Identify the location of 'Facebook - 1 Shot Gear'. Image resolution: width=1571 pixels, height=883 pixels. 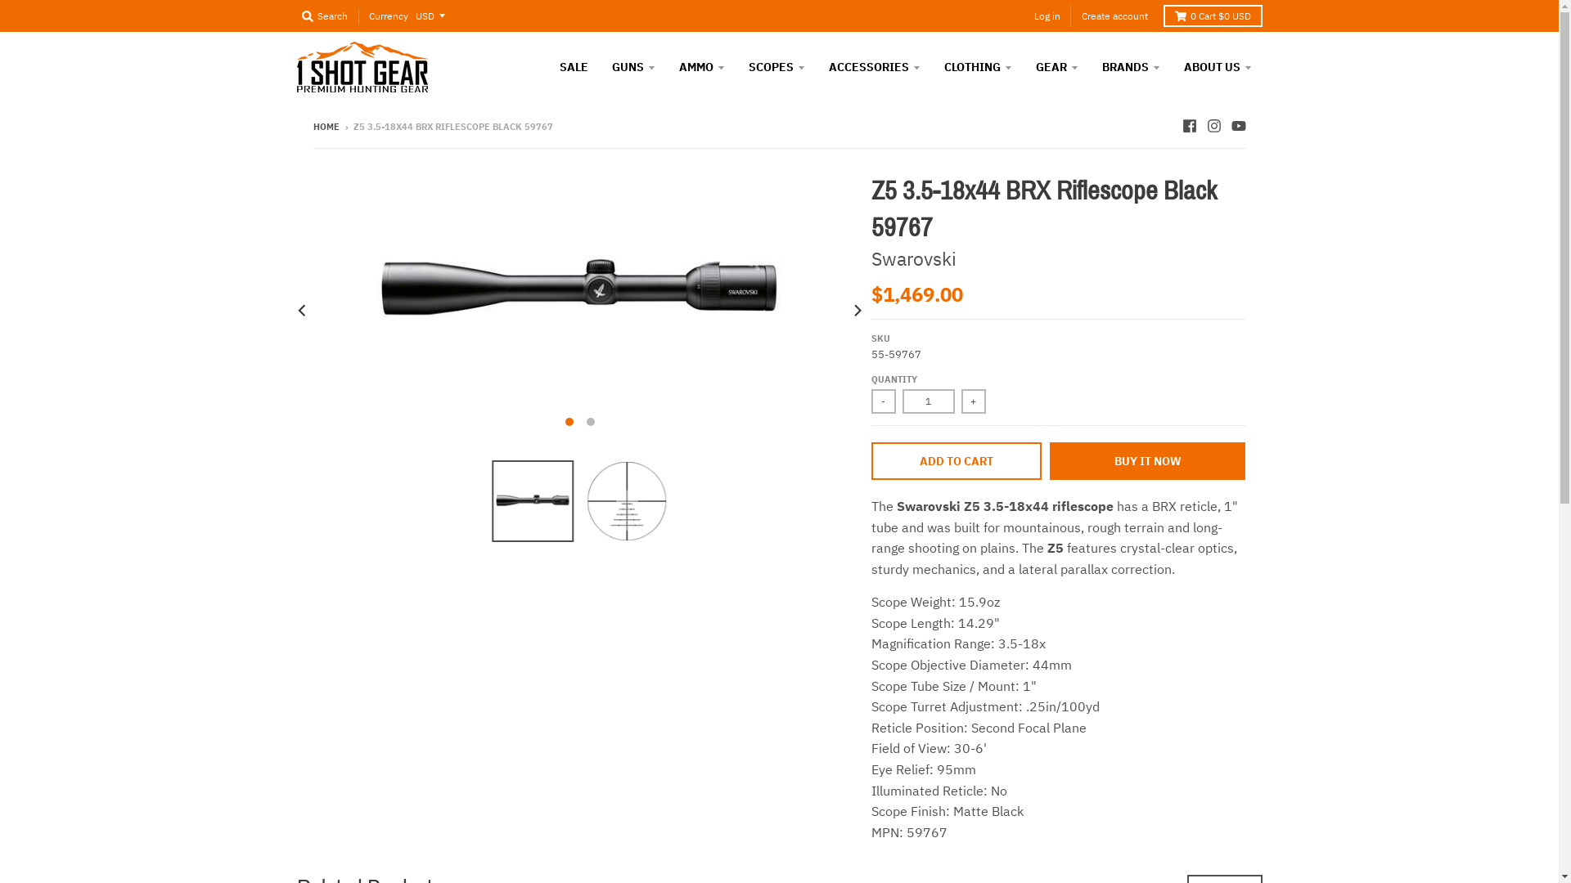
(1189, 125).